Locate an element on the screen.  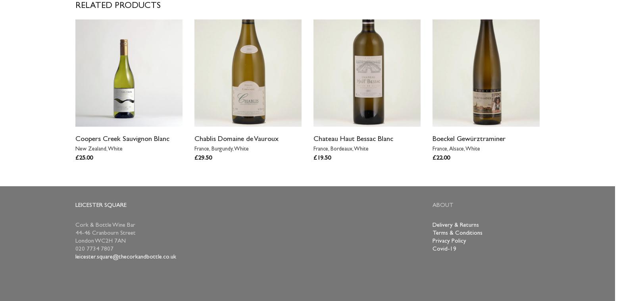
'Cork & Bottle Wine Bar' is located at coordinates (105, 225).